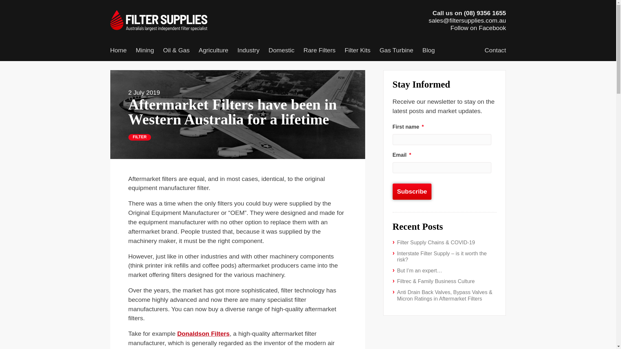  What do you see at coordinates (495, 51) in the screenshot?
I see `'Contact'` at bounding box center [495, 51].